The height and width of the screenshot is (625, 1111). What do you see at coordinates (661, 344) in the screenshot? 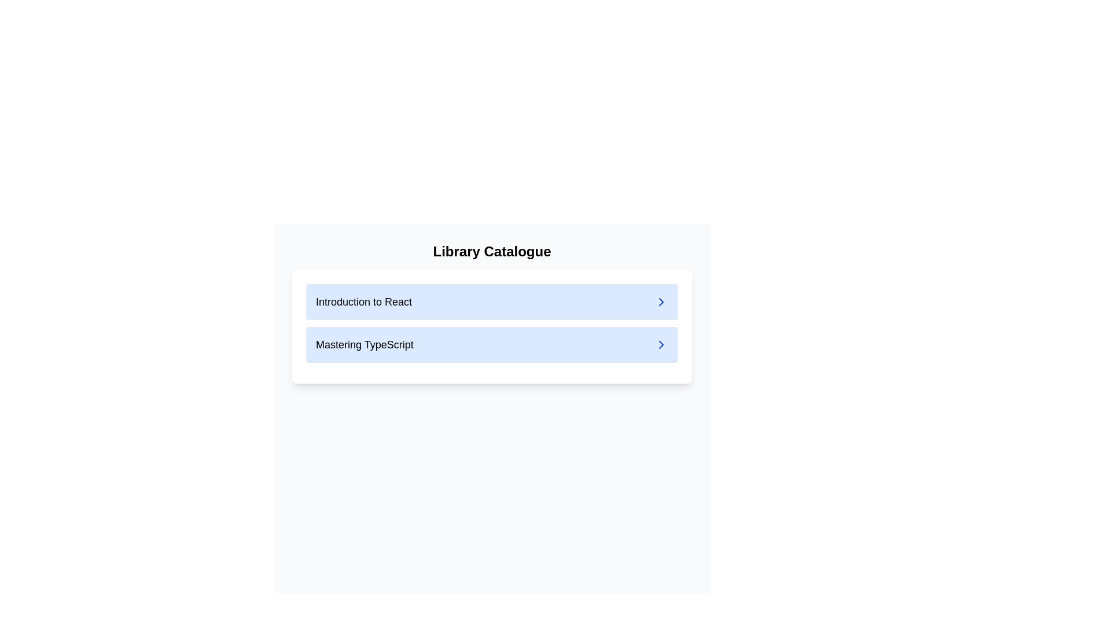
I see `the rightward-pointing chevron icon in the SVG located at the end of the list item under 'Mastering TypeScript'` at bounding box center [661, 344].